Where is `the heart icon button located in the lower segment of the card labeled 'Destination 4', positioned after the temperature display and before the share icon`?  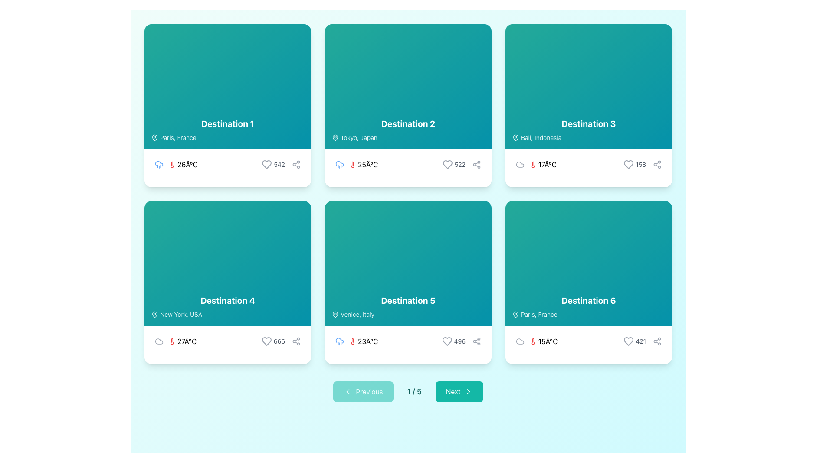 the heart icon button located in the lower segment of the card labeled 'Destination 4', positioned after the temperature display and before the share icon is located at coordinates (266, 341).